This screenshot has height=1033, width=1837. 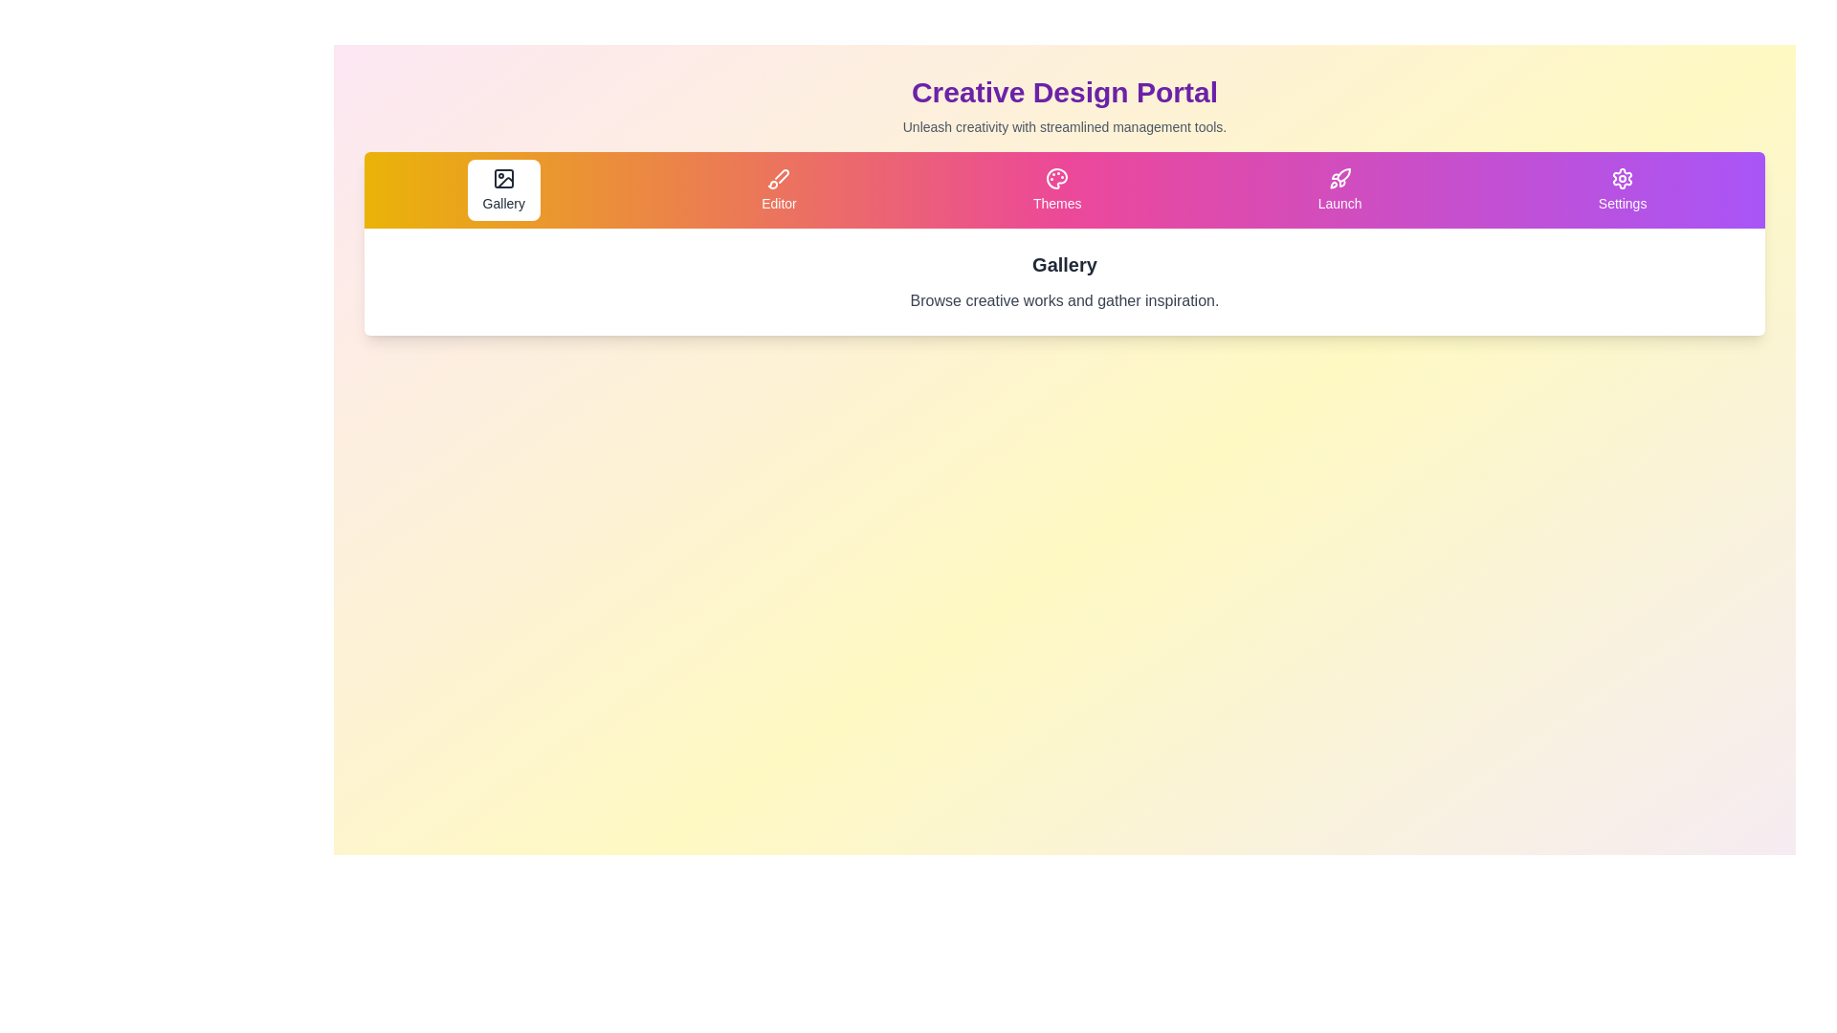 I want to click on the icon resembling a picture frame with a sun and mountain, located on the leftmost side of the navigation bar above the text 'Gallery', so click(x=503, y=178).